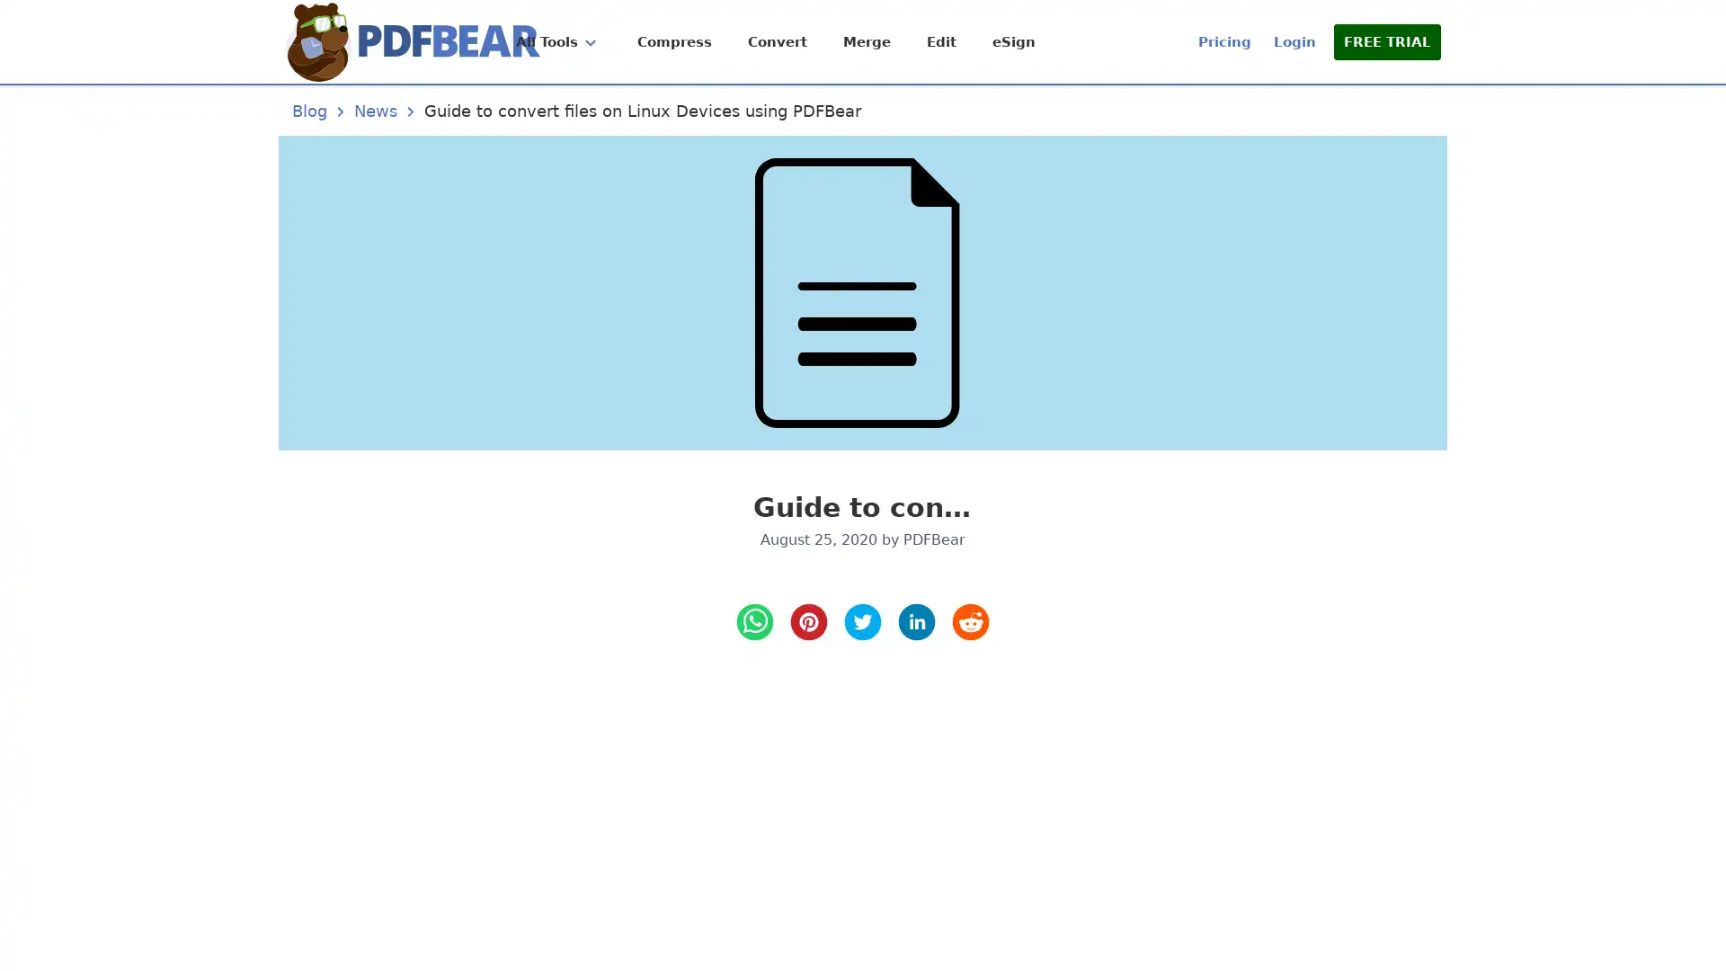 The image size is (1726, 971). What do you see at coordinates (755, 620) in the screenshot?
I see `whatsapp` at bounding box center [755, 620].